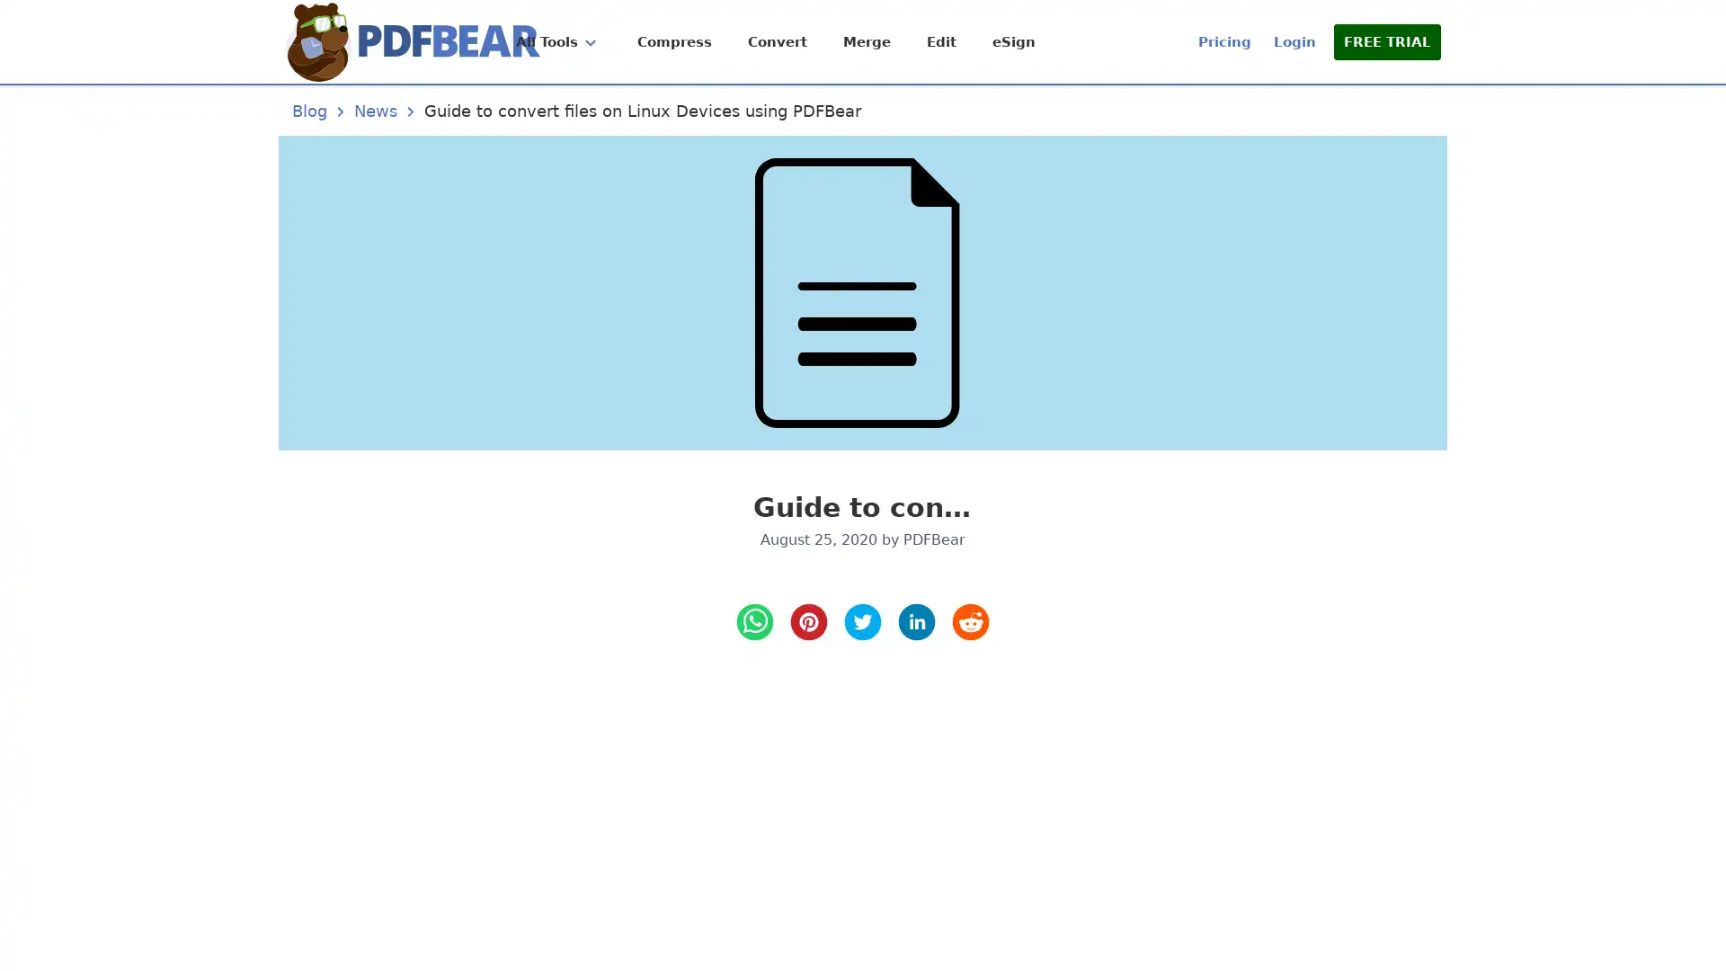 The image size is (1726, 971). What do you see at coordinates (755, 620) in the screenshot?
I see `whatsapp` at bounding box center [755, 620].